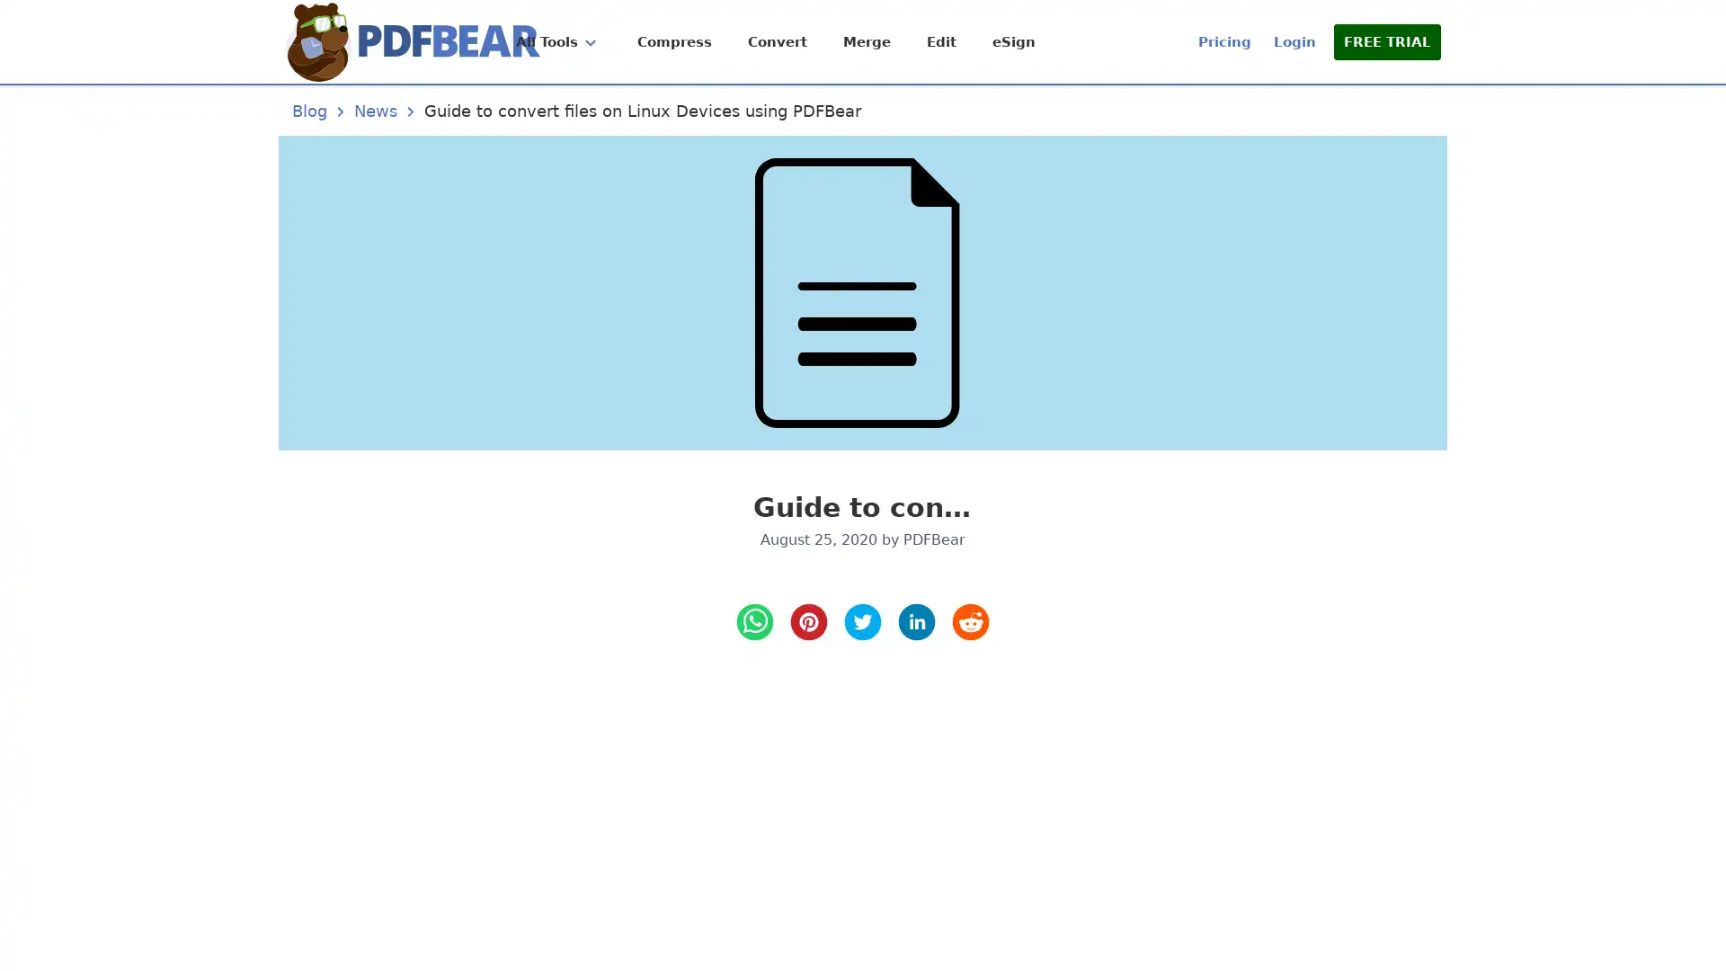 The image size is (1726, 971). What do you see at coordinates (755, 620) in the screenshot?
I see `whatsapp` at bounding box center [755, 620].